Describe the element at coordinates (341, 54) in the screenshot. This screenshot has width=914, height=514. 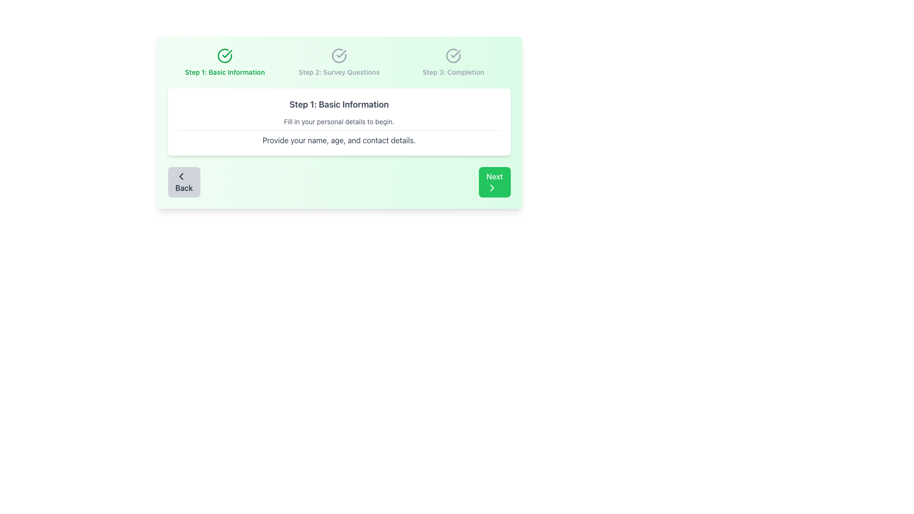
I see `the checkmark icon within the circular outline that represents a completed step in 'Step 1: Basic Information'` at that location.